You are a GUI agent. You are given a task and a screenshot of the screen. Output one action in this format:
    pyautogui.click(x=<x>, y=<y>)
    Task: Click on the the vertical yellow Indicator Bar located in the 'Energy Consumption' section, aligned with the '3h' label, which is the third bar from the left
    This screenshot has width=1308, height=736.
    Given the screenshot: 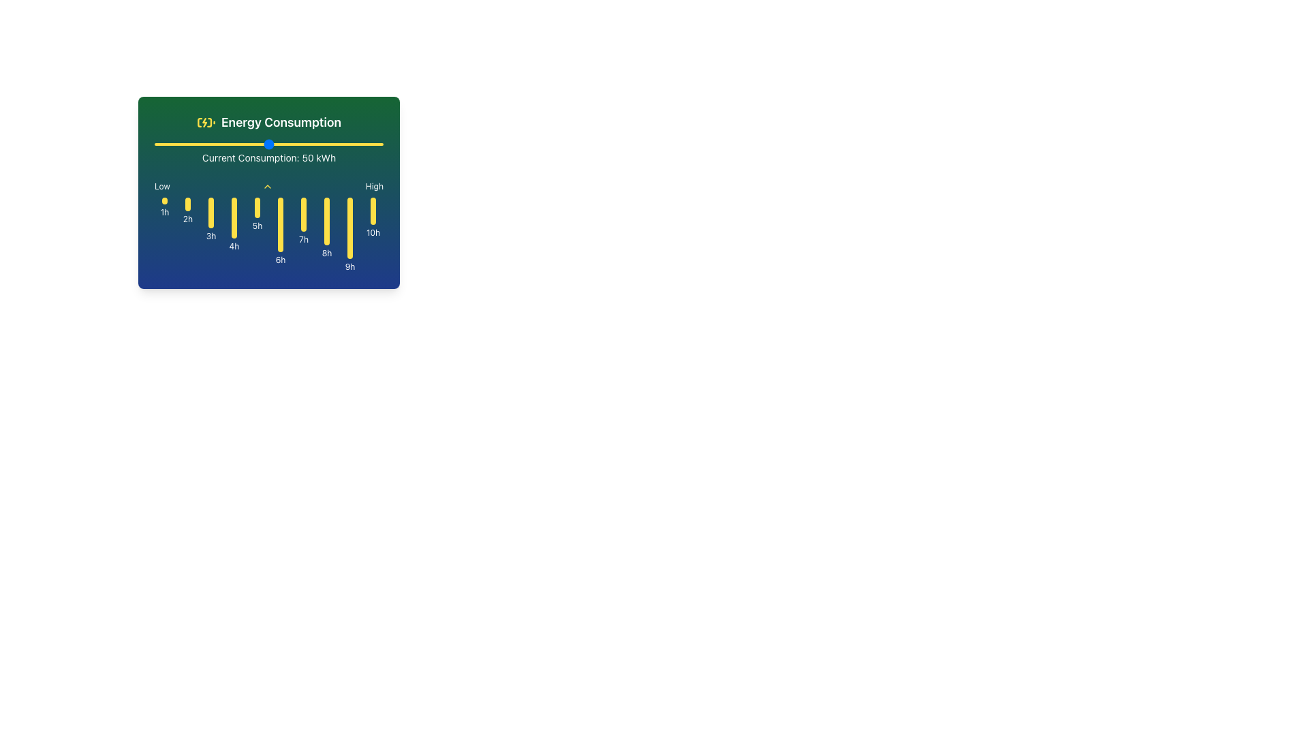 What is the action you would take?
    pyautogui.click(x=211, y=213)
    